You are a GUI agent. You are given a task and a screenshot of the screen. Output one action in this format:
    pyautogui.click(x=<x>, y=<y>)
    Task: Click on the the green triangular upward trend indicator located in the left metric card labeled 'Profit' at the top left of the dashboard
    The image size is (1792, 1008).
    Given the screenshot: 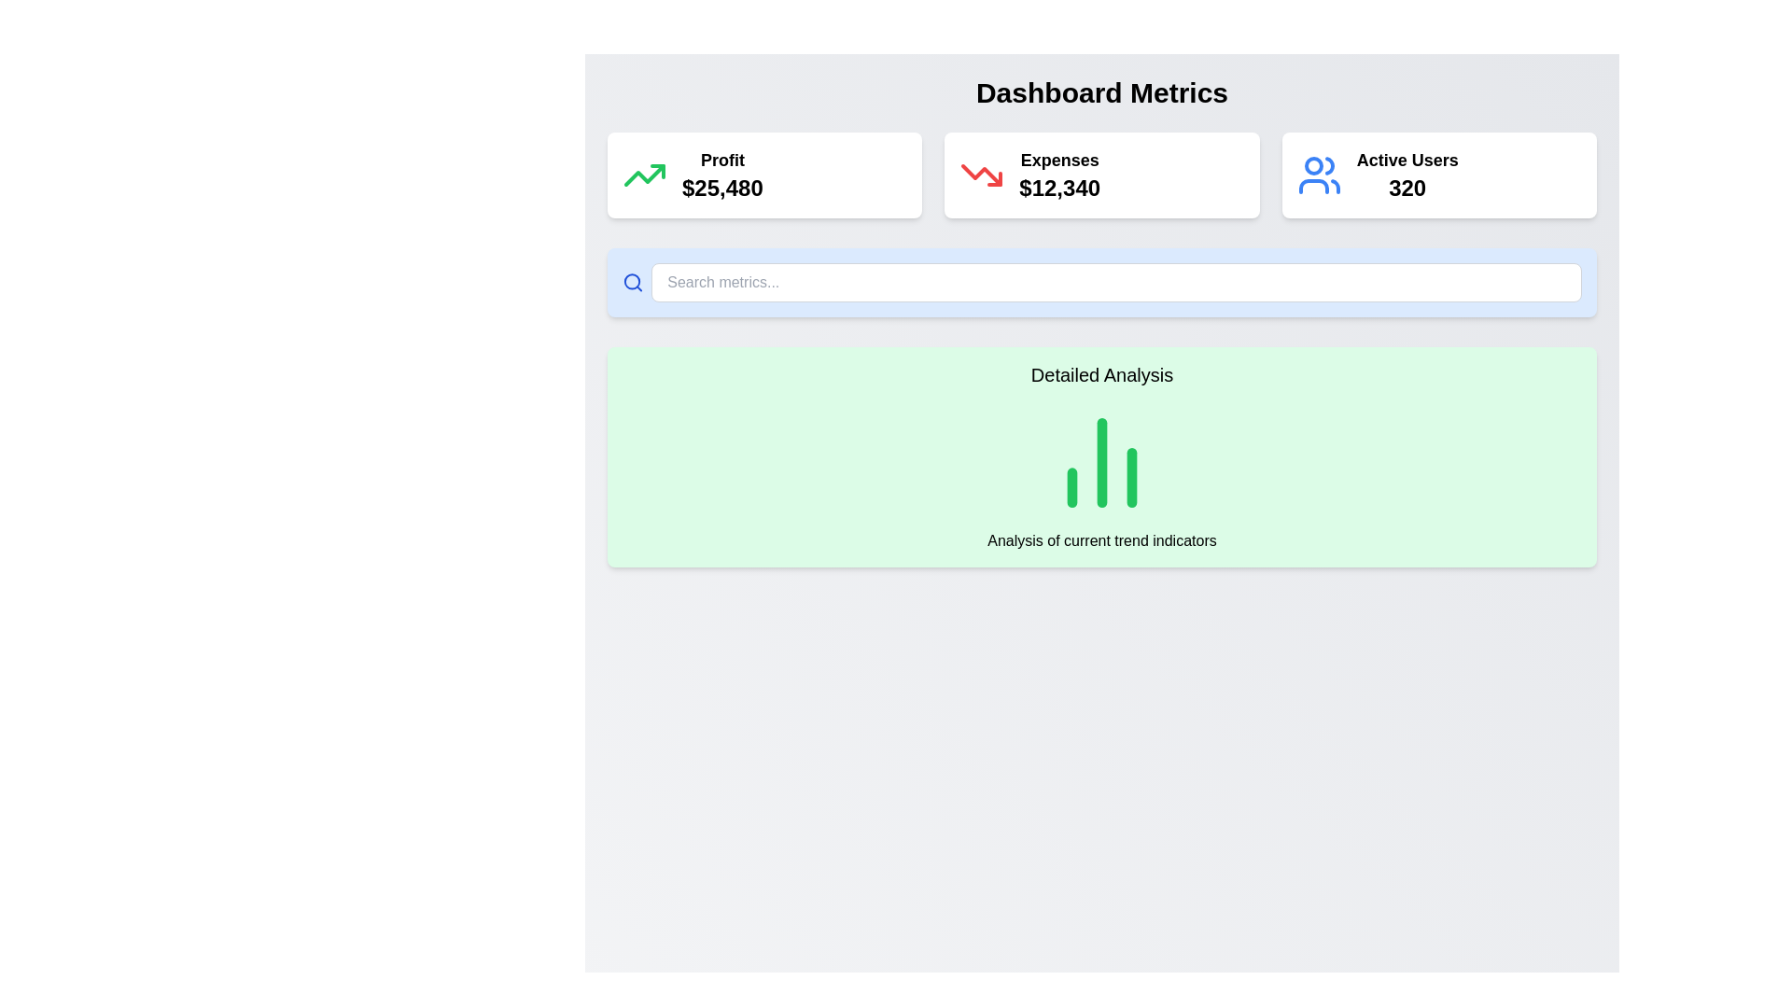 What is the action you would take?
    pyautogui.click(x=658, y=172)
    